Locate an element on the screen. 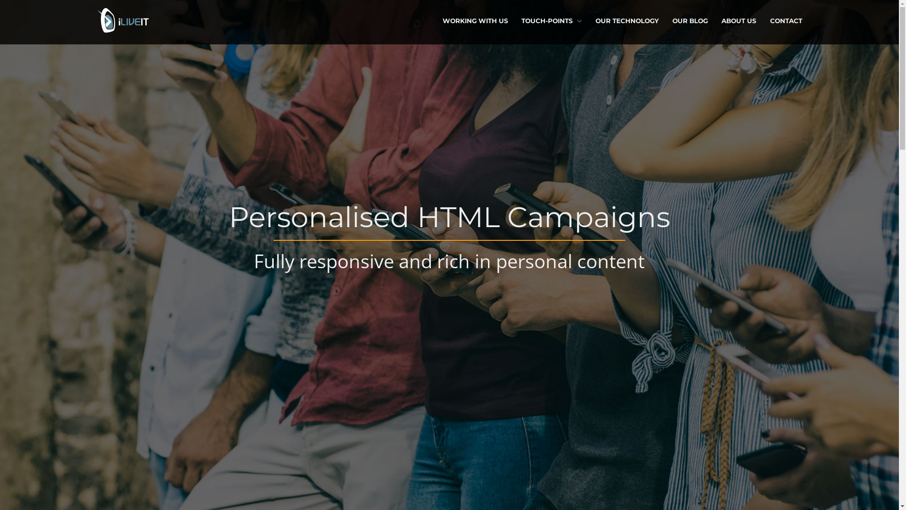 The image size is (906, 510). 'OUR TECHNOLOGY' is located at coordinates (627, 20).